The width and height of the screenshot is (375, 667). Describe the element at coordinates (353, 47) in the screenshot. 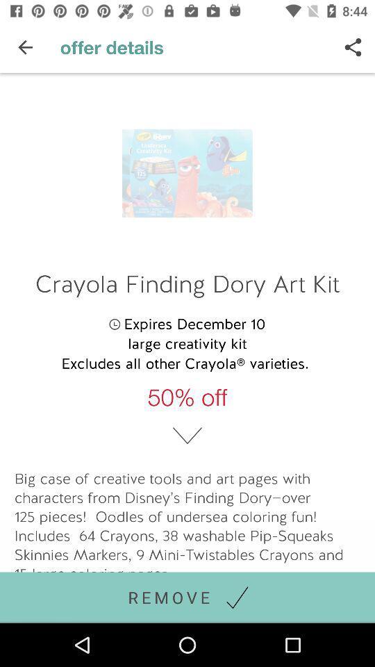

I see `the icon to the right of the offer details` at that location.